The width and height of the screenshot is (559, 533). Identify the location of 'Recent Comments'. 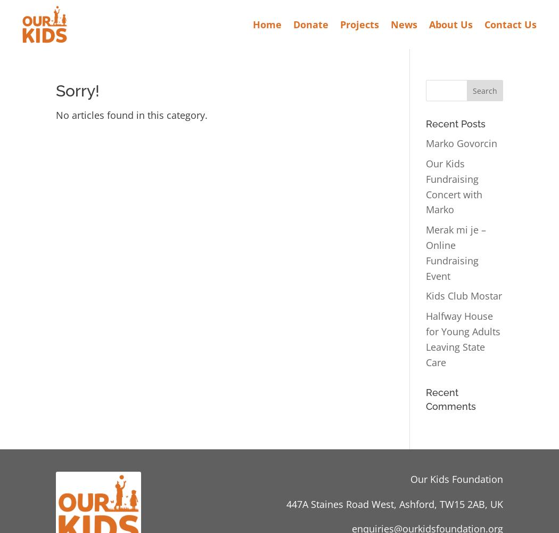
(425, 399).